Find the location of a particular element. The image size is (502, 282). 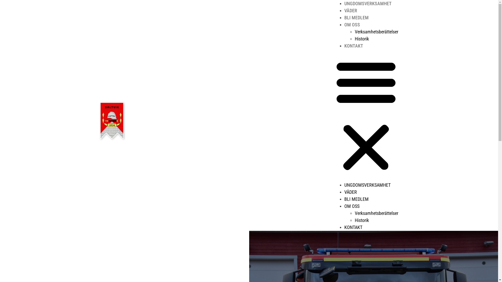

'BLI MEDLEM' is located at coordinates (356, 17).